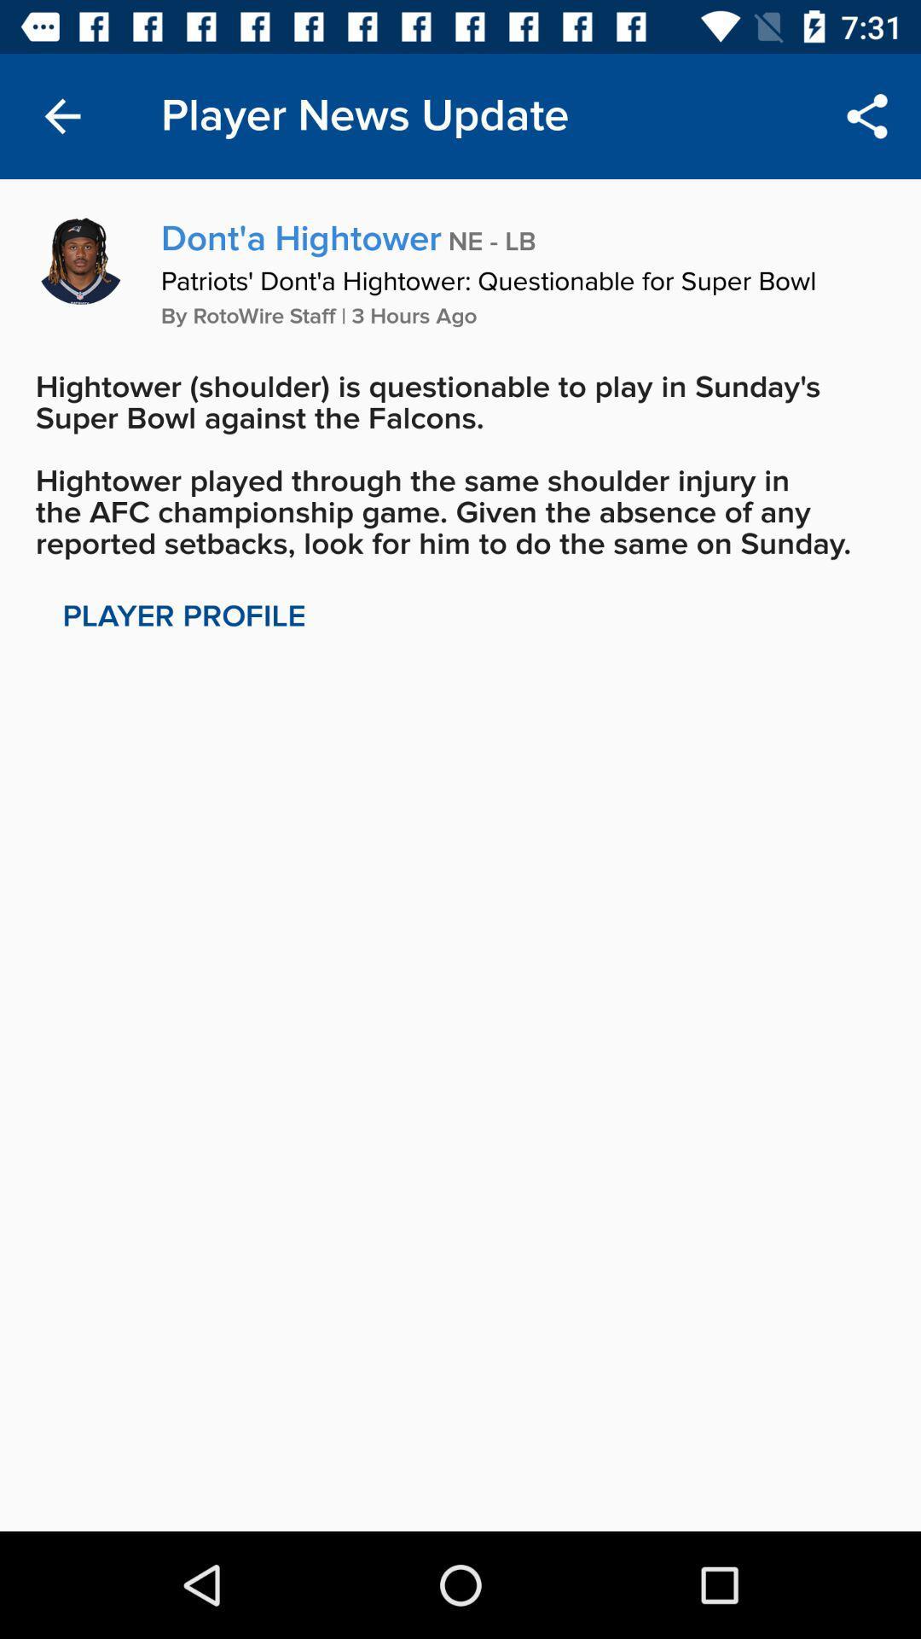  I want to click on item at the top right corner, so click(867, 115).